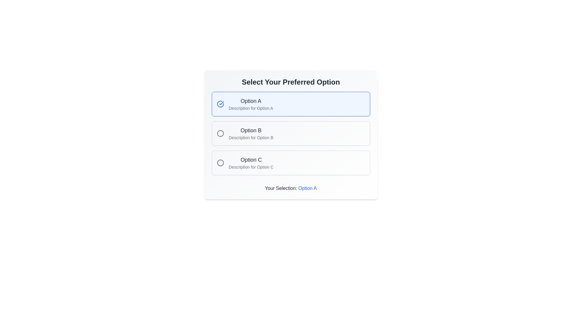 This screenshot has height=324, width=576. I want to click on the visual indicator associated with 'Option B', which is located to the left of the text 'Option B' in the second option of a vertical list, so click(220, 133).